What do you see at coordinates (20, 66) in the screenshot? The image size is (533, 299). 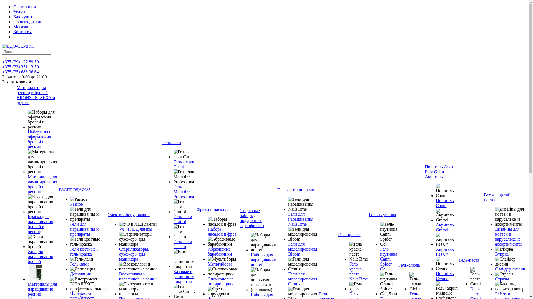 I see `'+375 (33) 351 13 50'` at bounding box center [20, 66].